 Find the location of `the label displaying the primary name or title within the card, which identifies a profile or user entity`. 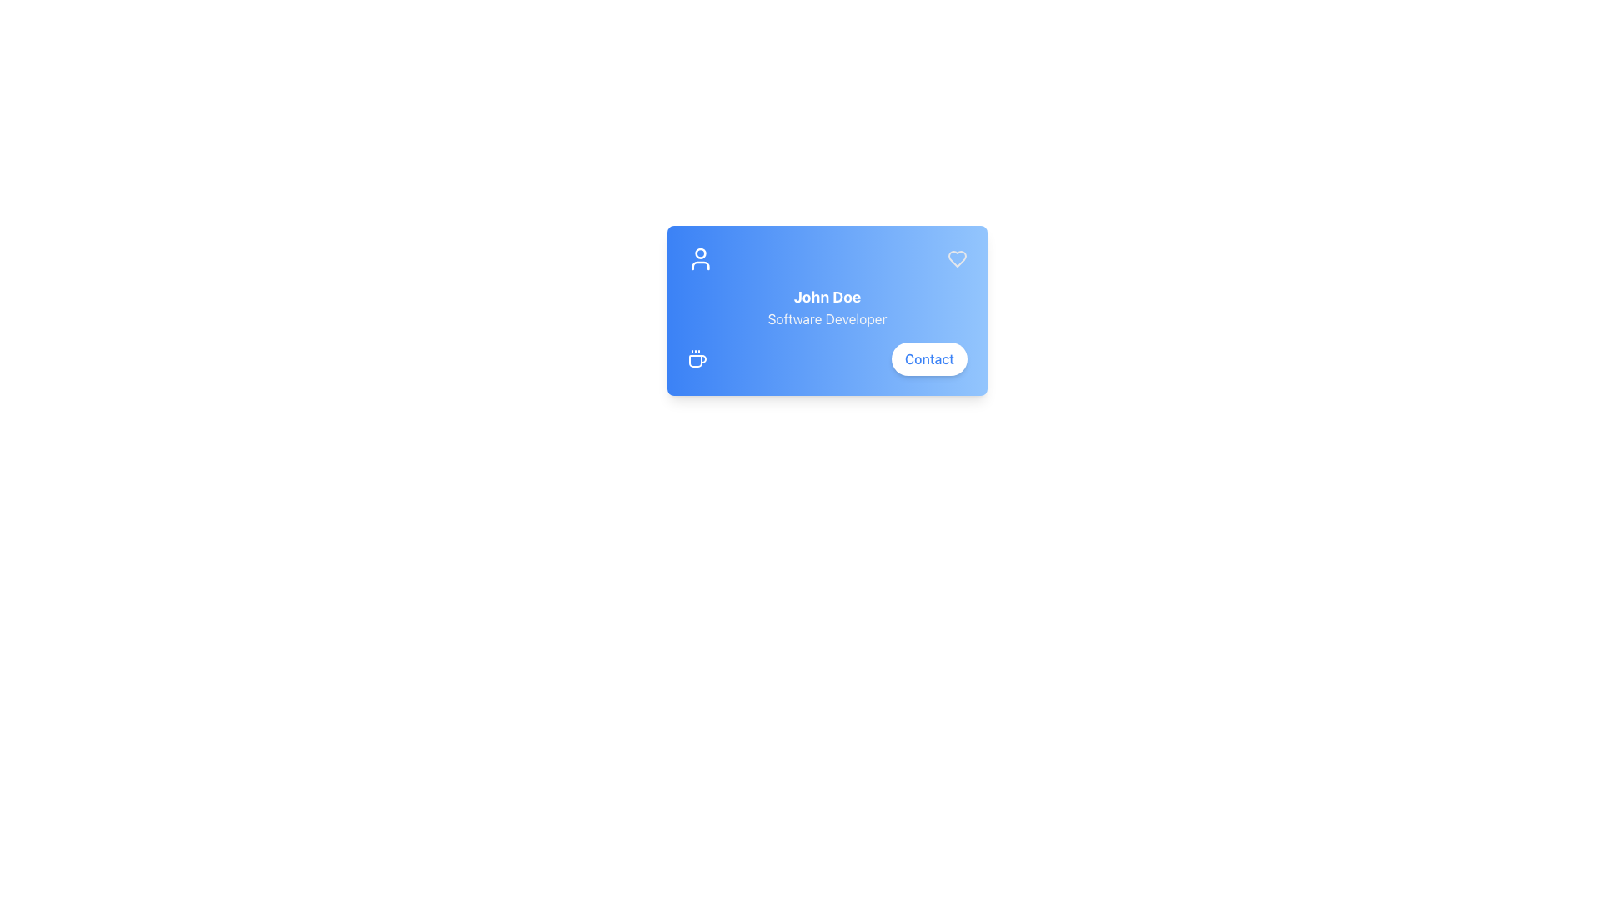

the label displaying the primary name or title within the card, which identifies a profile or user entity is located at coordinates (827, 297).